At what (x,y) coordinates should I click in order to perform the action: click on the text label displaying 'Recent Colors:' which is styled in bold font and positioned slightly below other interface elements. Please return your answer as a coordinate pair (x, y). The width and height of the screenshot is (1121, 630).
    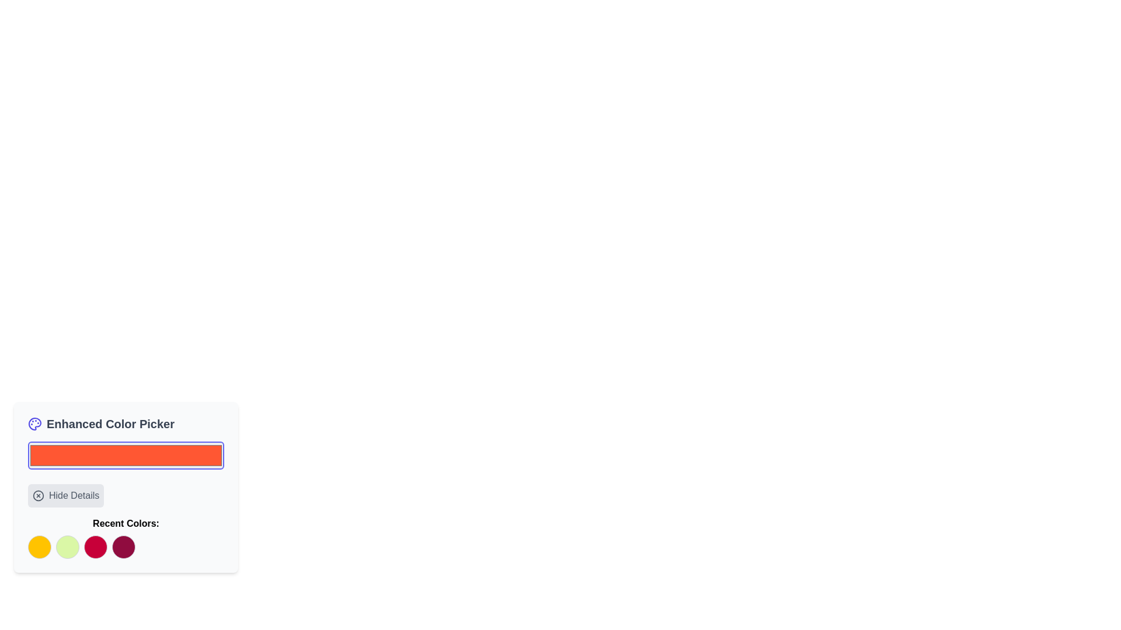
    Looking at the image, I should click on (126, 523).